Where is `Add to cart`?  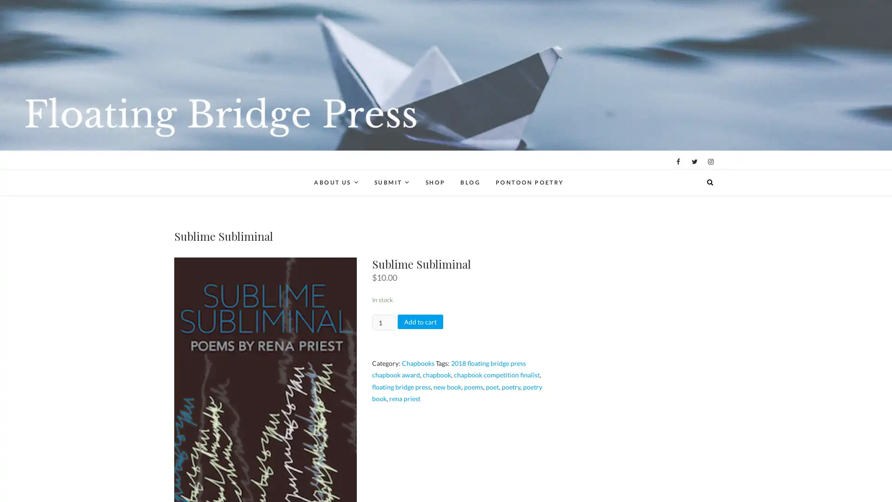
Add to cart is located at coordinates (419, 321).